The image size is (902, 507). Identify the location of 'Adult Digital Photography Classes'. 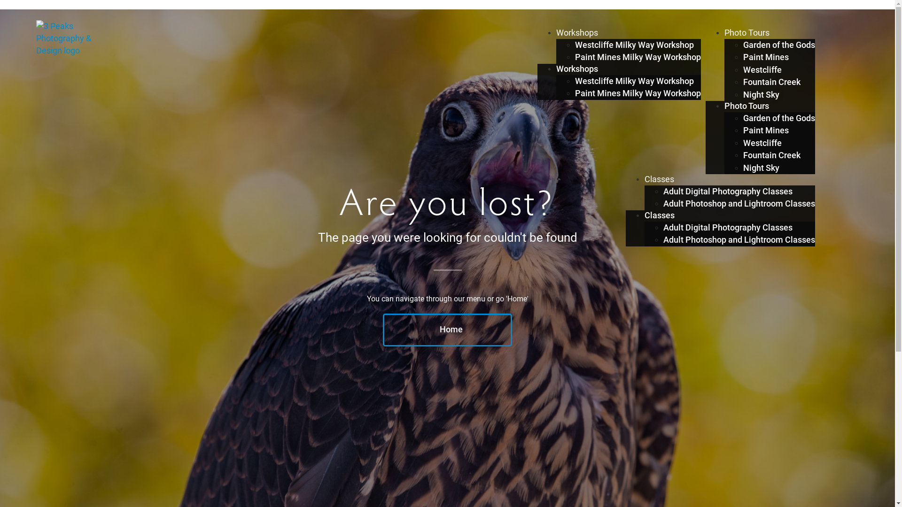
(727, 228).